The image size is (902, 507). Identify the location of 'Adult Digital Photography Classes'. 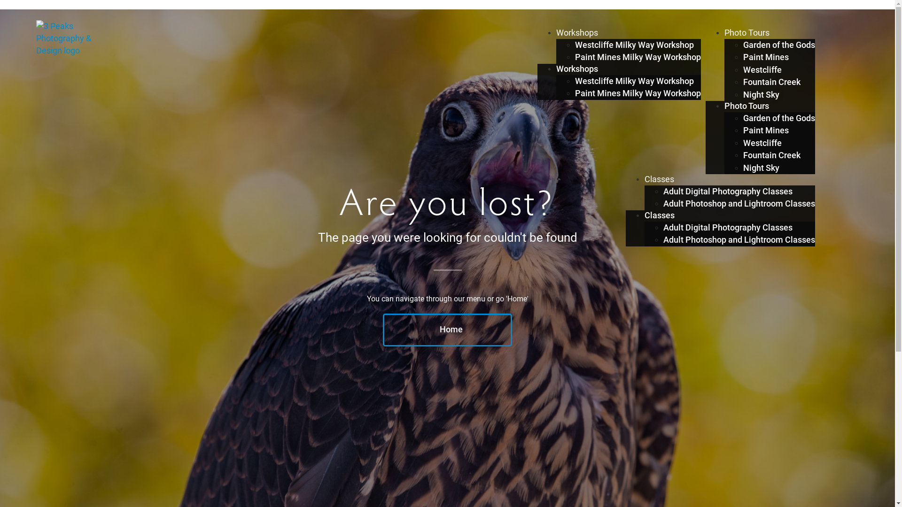
(727, 228).